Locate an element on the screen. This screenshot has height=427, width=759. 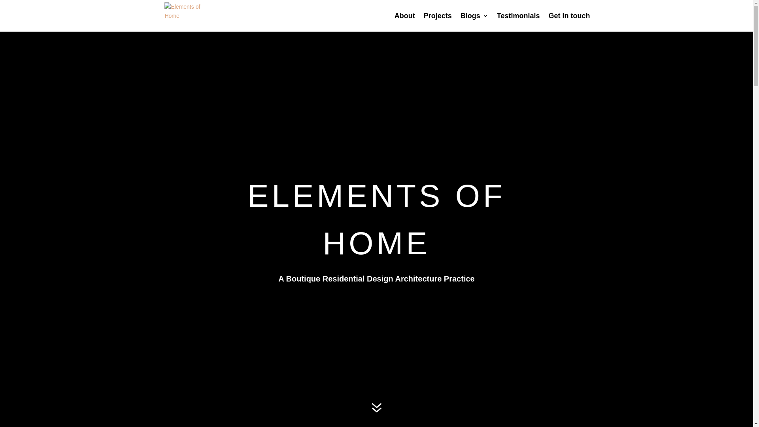
'Testimonials' is located at coordinates (518, 22).